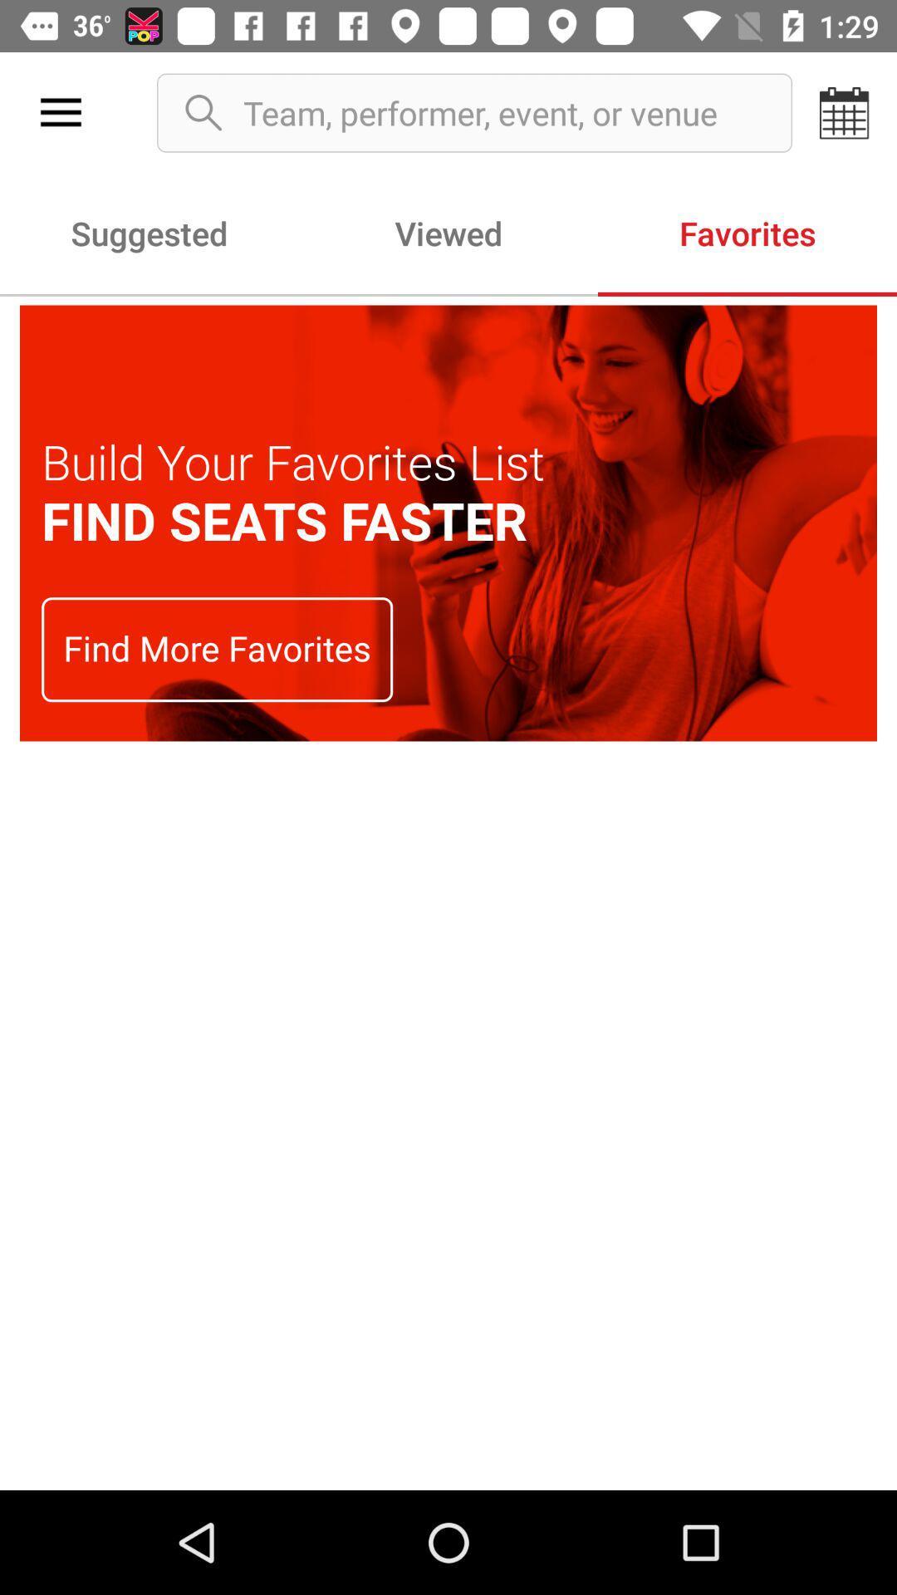 The height and width of the screenshot is (1595, 897). What do you see at coordinates (216, 649) in the screenshot?
I see `the find more favorites item` at bounding box center [216, 649].